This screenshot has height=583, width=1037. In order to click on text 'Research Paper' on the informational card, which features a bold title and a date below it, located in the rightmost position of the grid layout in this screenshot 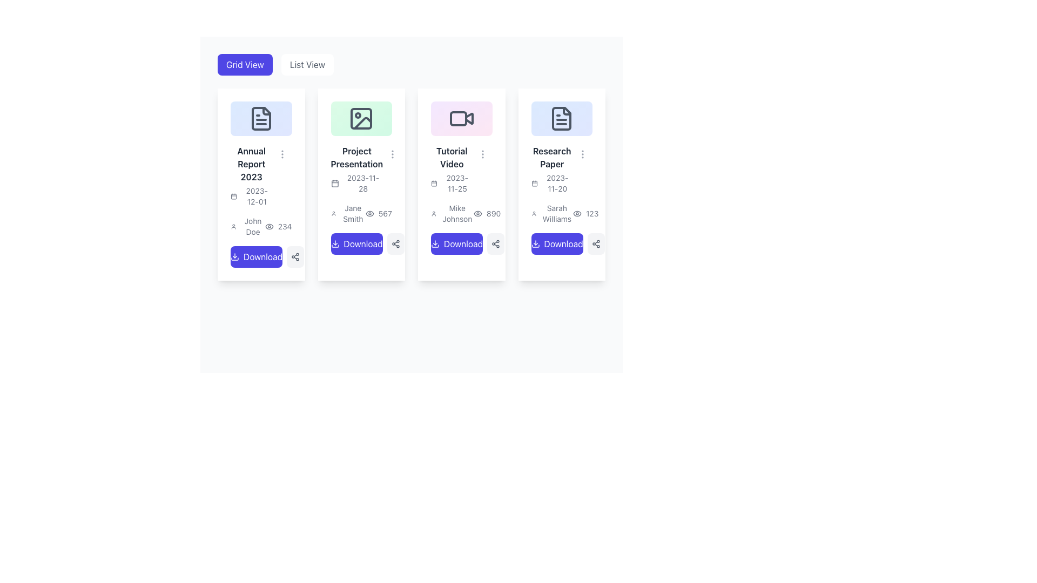, I will do `click(552, 169)`.